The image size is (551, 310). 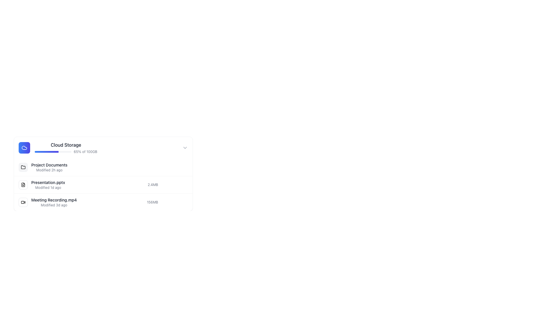 What do you see at coordinates (185, 167) in the screenshot?
I see `the three-dot menu button located to the far right of the 'Project Documents' row` at bounding box center [185, 167].